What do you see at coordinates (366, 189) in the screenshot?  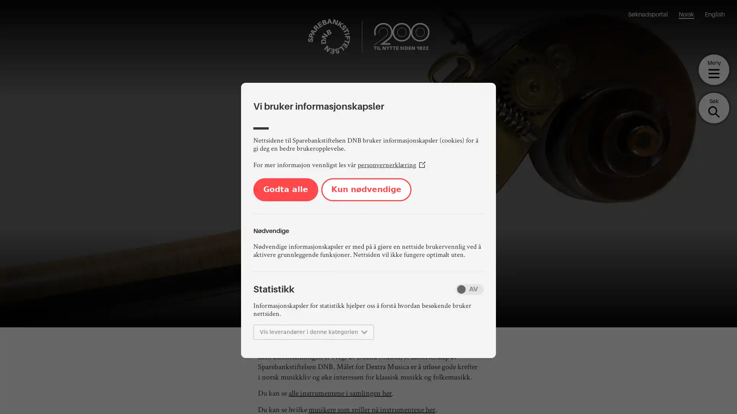 I see `Kun ndvendige` at bounding box center [366, 189].